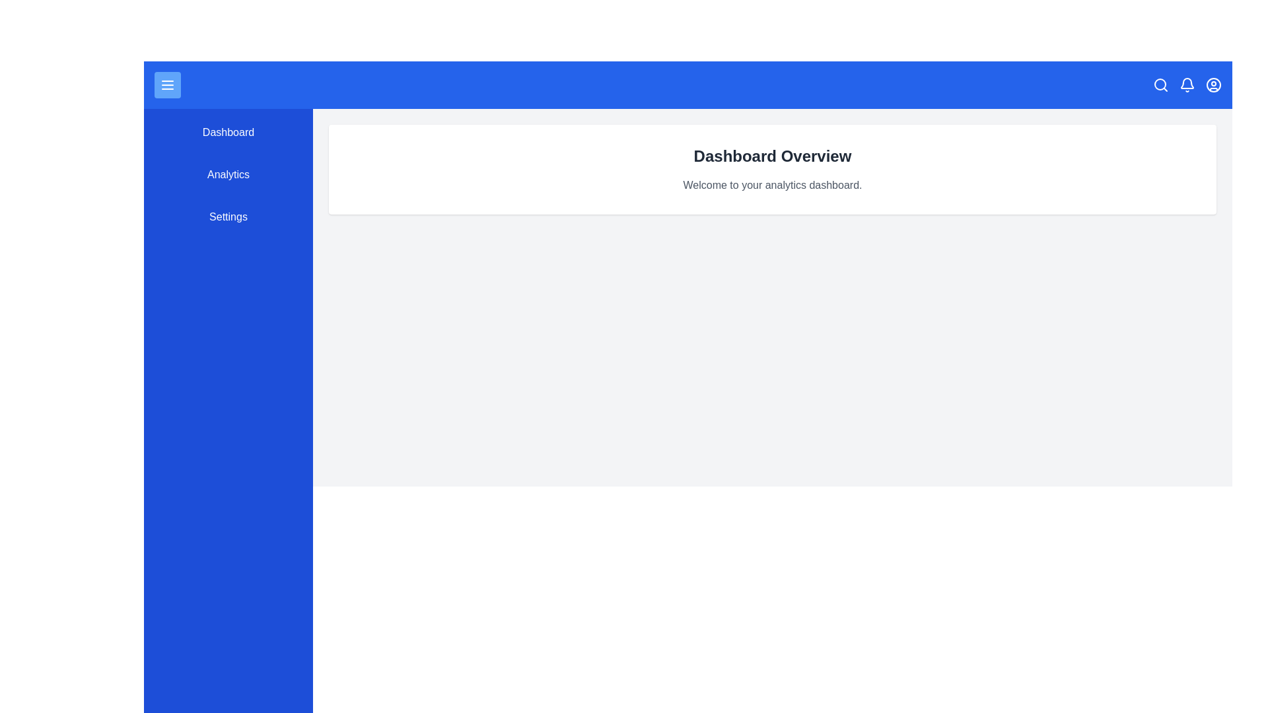 This screenshot has width=1268, height=713. I want to click on the search icon in the top bar, so click(1160, 85).